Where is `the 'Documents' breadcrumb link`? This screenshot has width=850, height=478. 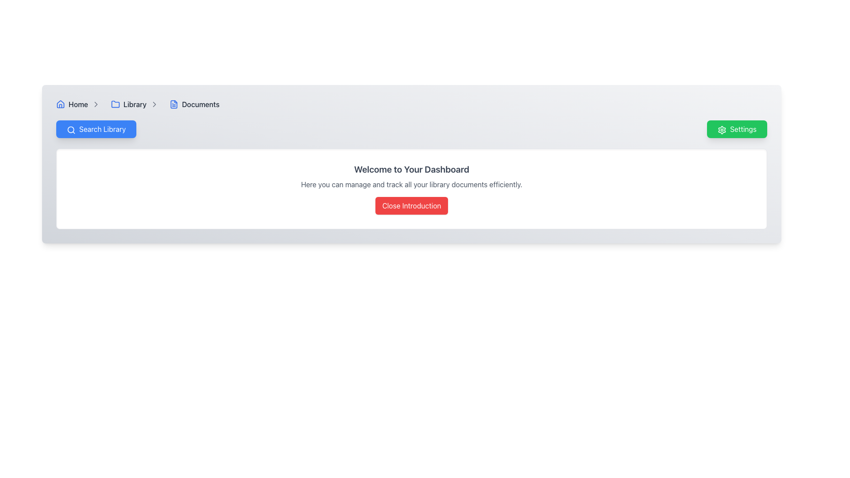
the 'Documents' breadcrumb link is located at coordinates (200, 104).